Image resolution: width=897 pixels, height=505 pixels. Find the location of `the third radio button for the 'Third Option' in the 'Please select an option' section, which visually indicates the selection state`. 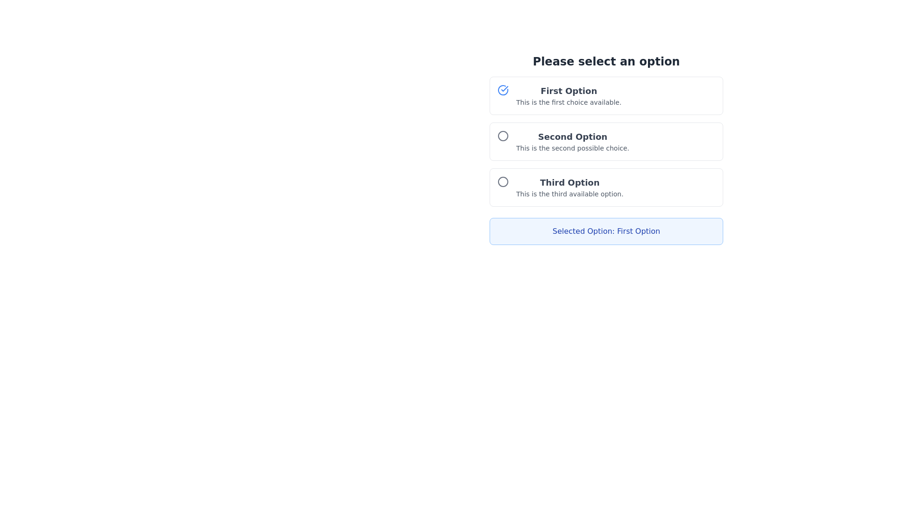

the third radio button for the 'Third Option' in the 'Please select an option' section, which visually indicates the selection state is located at coordinates (502, 182).